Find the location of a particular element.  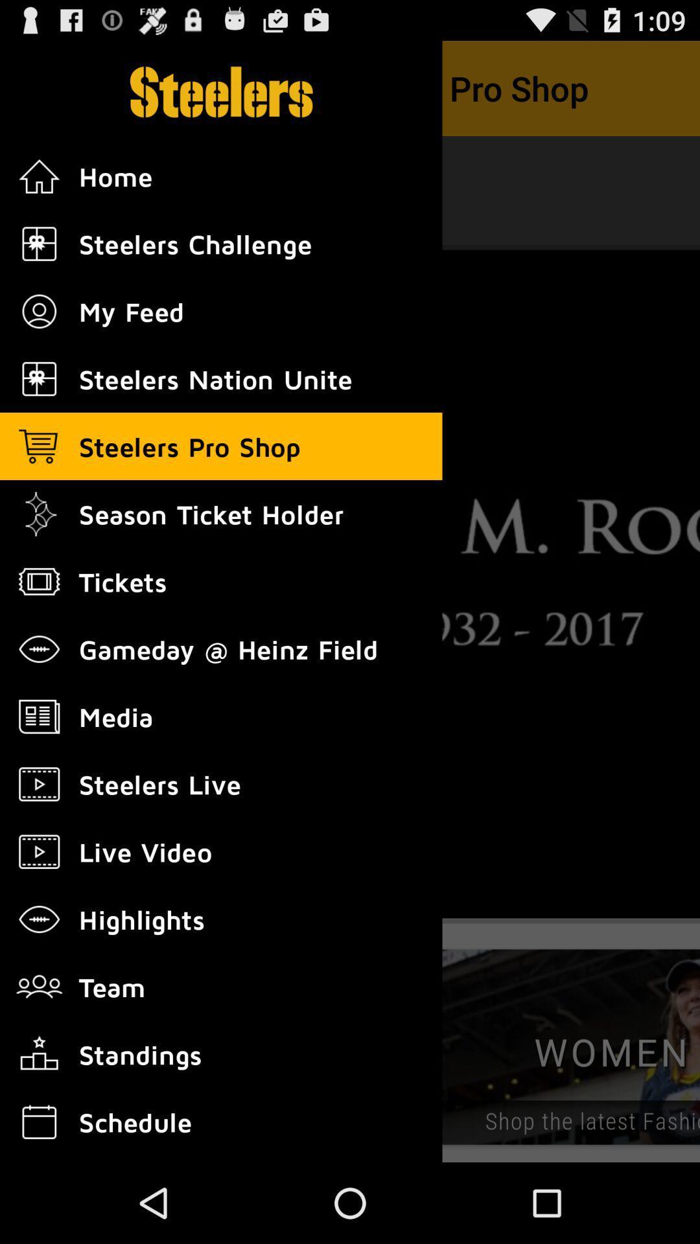

the standing icon is located at coordinates (39, 1054).